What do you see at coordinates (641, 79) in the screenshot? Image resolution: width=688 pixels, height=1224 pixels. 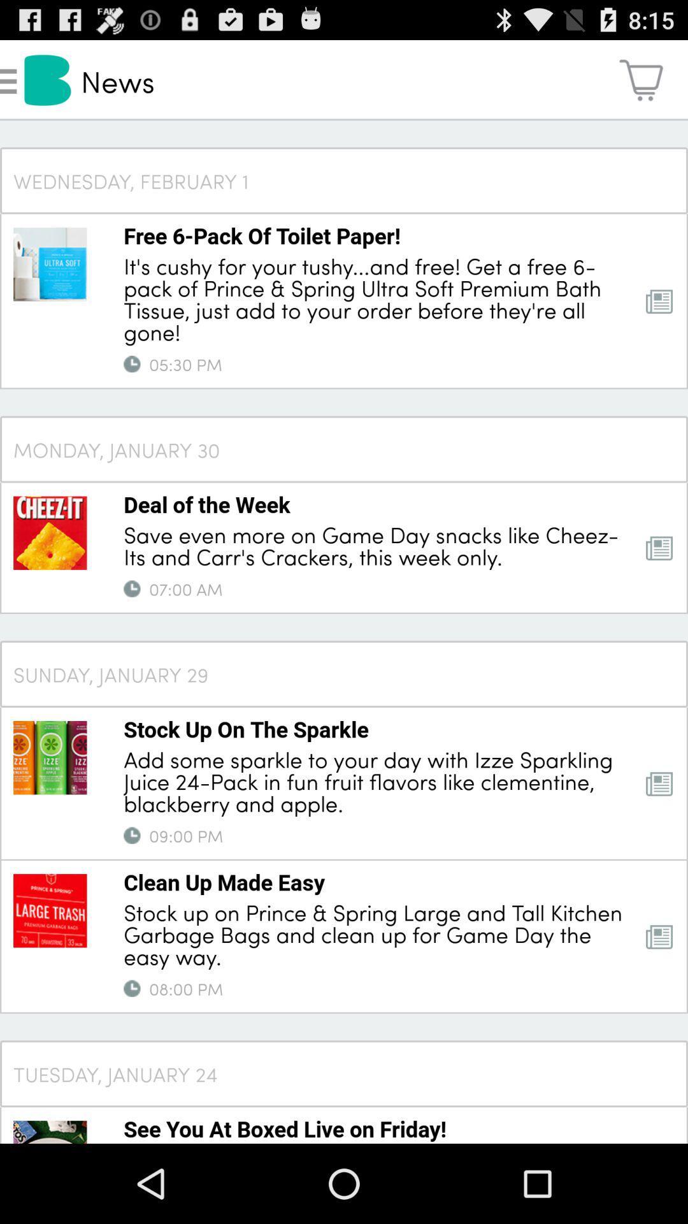 I see `the icon next to the news` at bounding box center [641, 79].